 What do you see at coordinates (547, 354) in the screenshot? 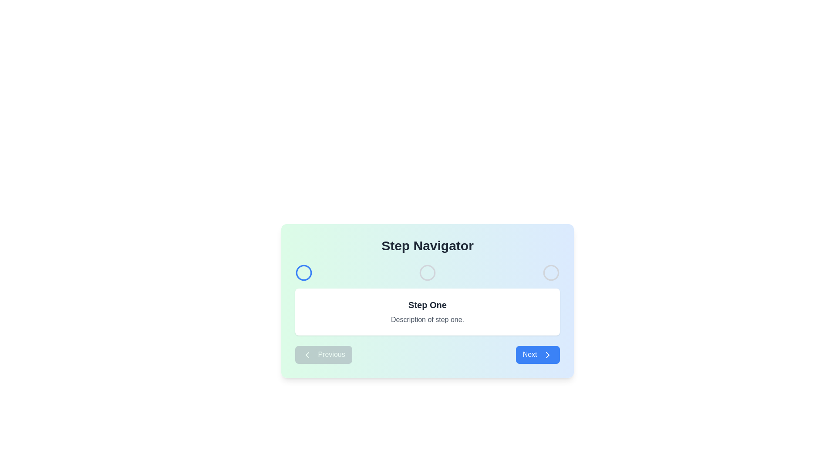
I see `the rightward chevron icon inside the 'Next' button at the bottom-right corner of the card layout` at bounding box center [547, 354].